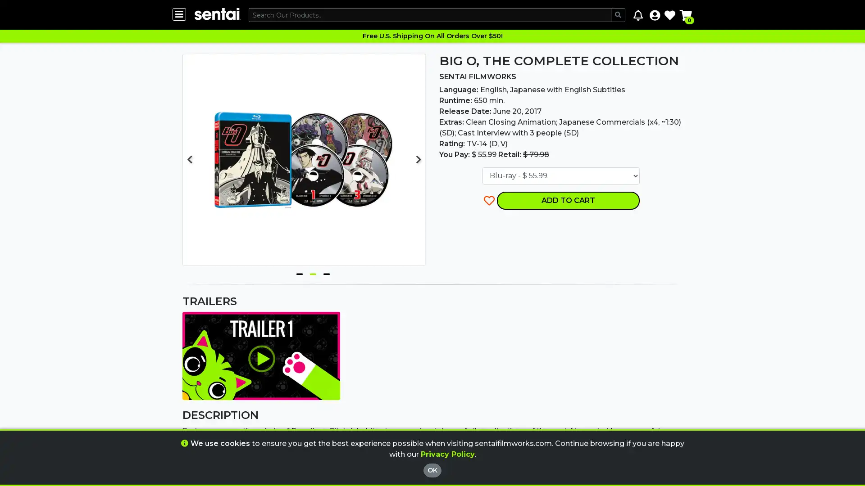 Image resolution: width=865 pixels, height=486 pixels. Describe the element at coordinates (489, 199) in the screenshot. I see `Add to Wishlist Button` at that location.